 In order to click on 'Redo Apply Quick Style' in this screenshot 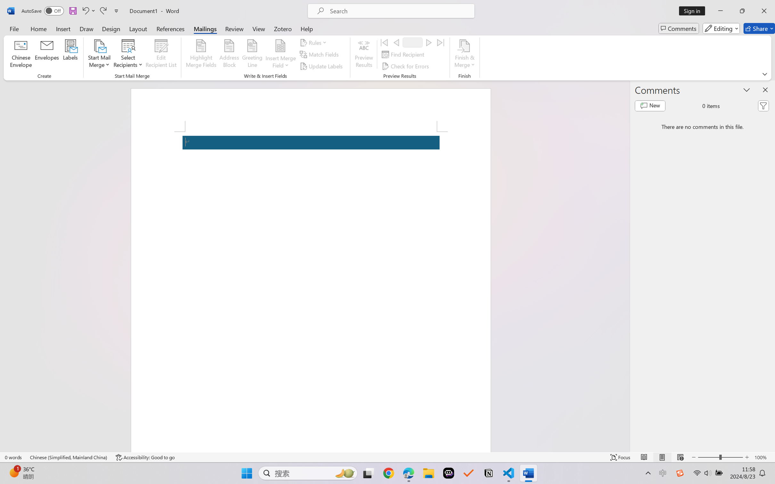, I will do `click(102, 11)`.